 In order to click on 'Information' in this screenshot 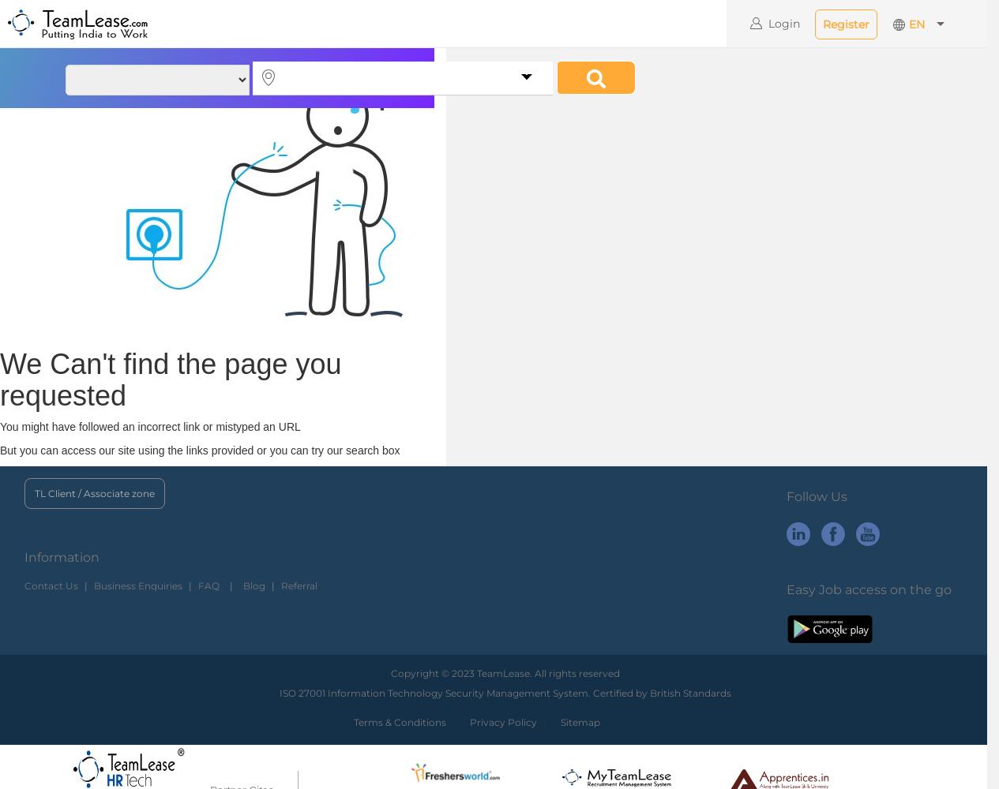, I will do `click(61, 556)`.